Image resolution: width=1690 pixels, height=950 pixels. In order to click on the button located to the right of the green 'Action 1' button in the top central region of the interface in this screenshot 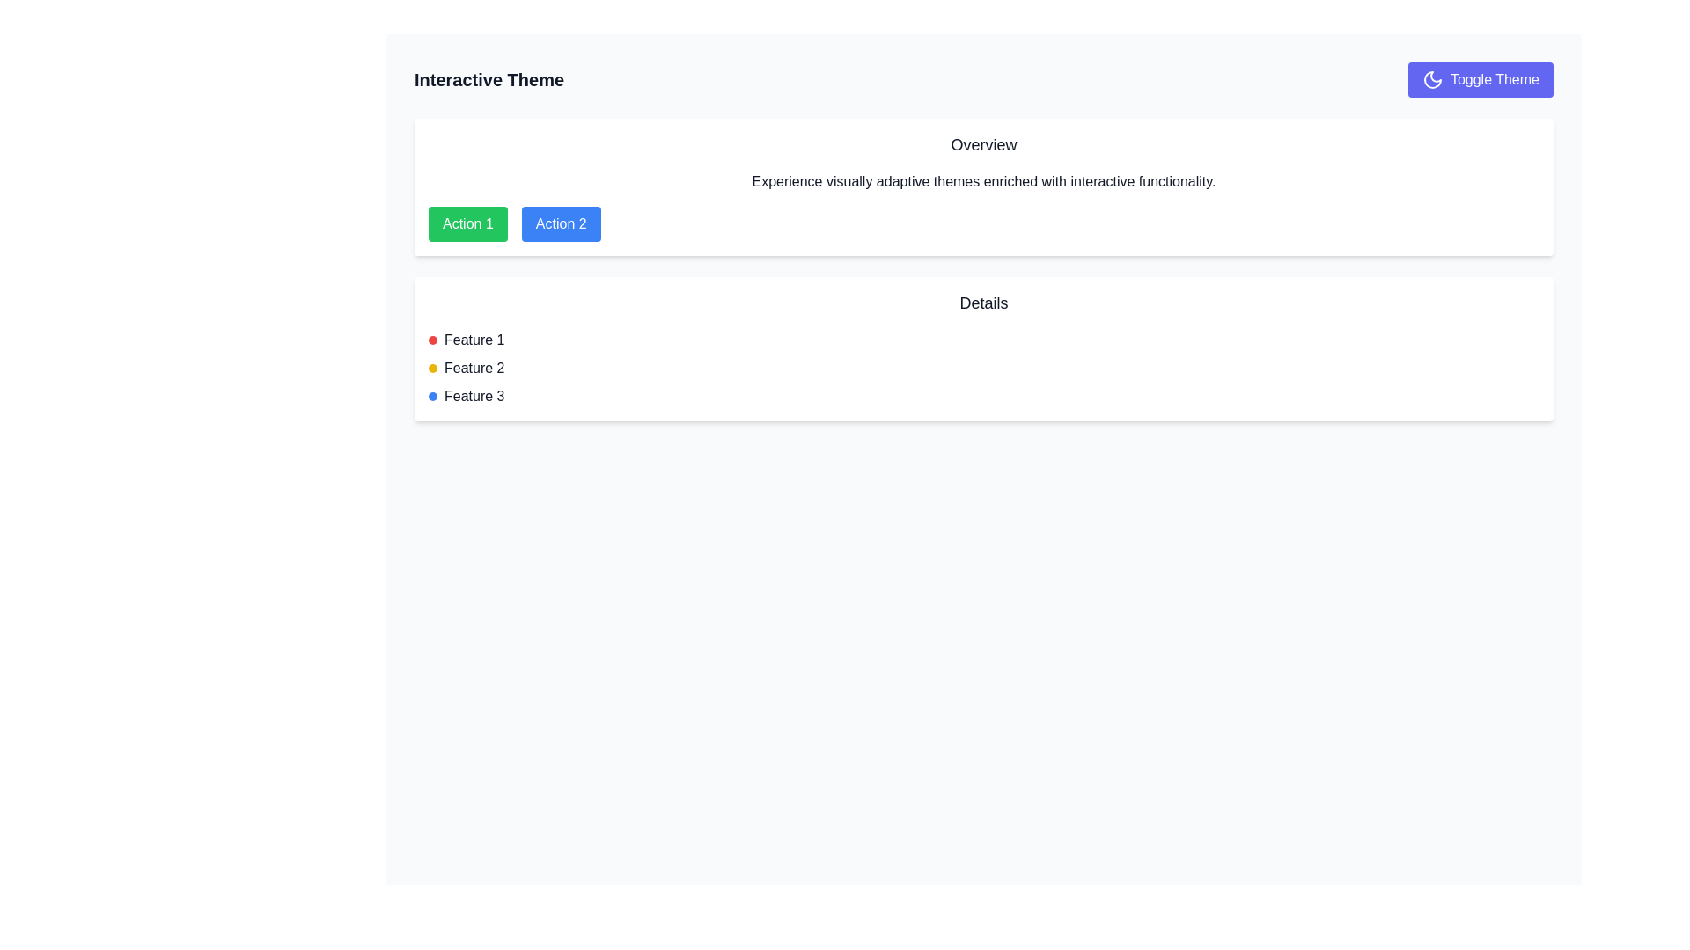, I will do `click(560, 223)`.